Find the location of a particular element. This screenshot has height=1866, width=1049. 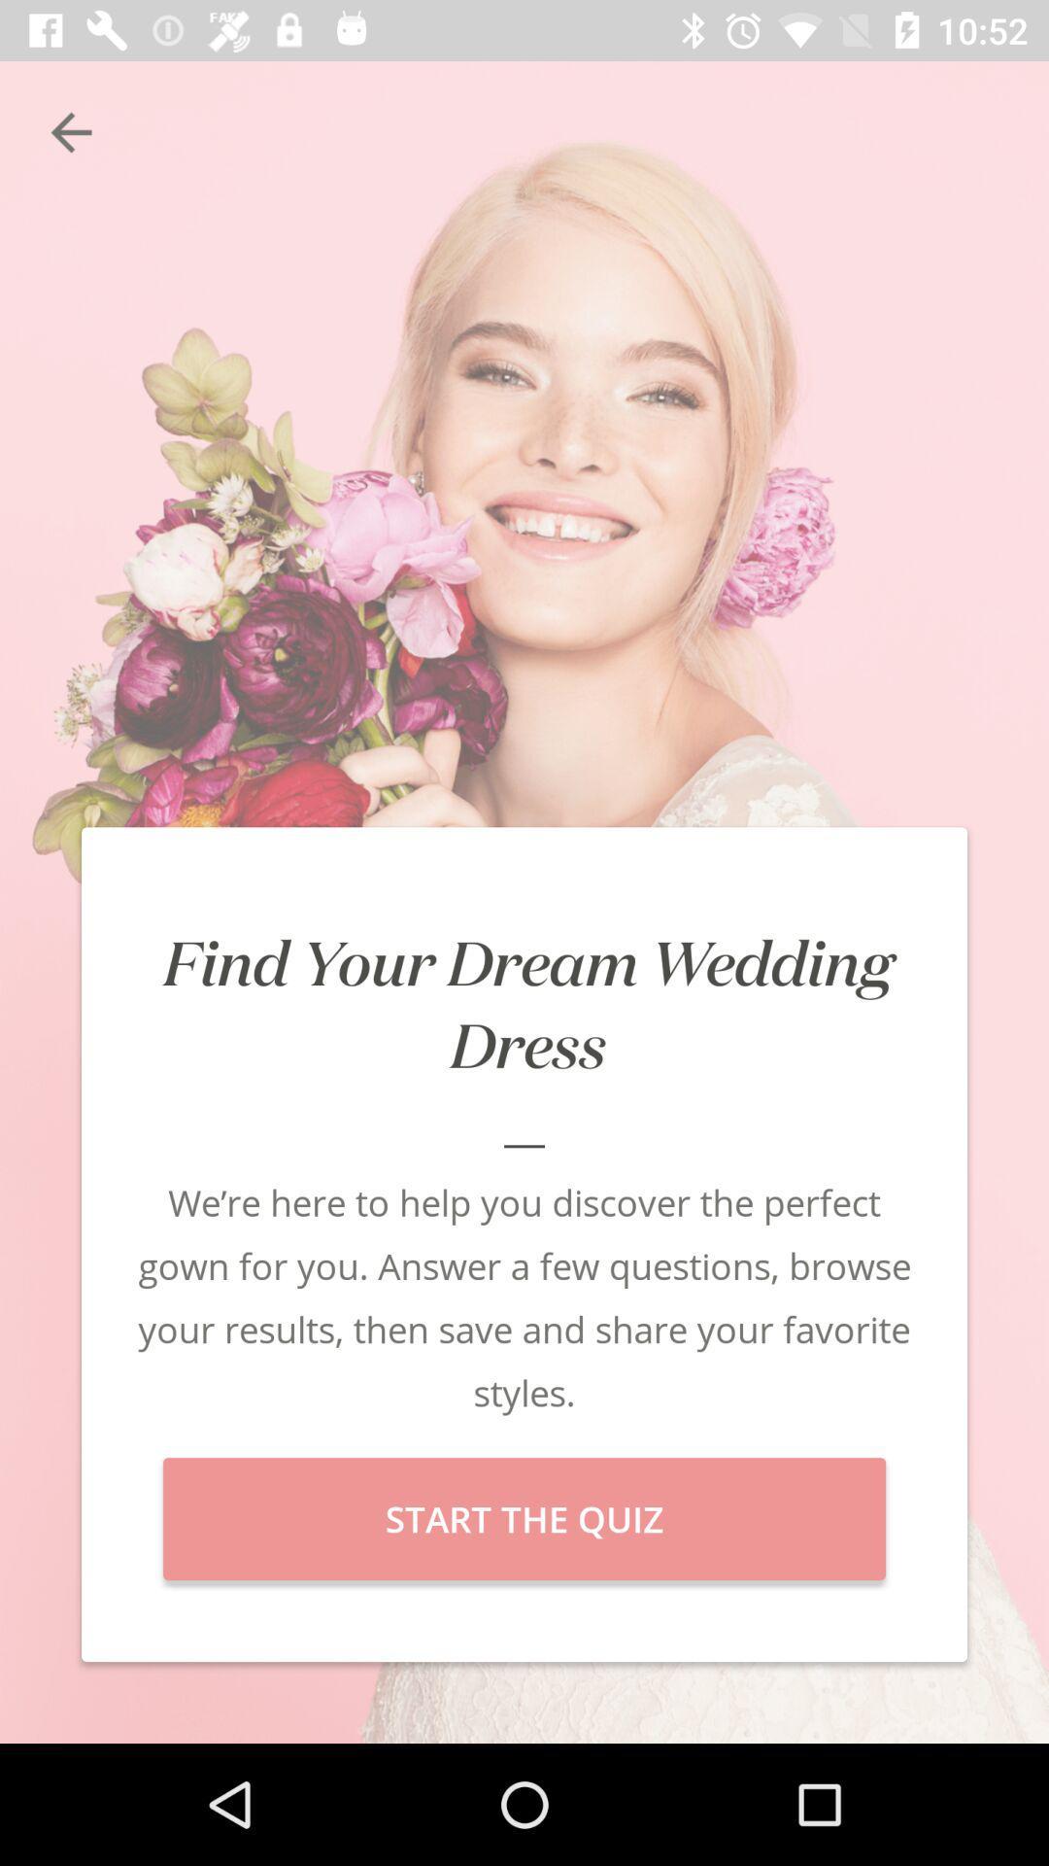

item above find your dream is located at coordinates (70, 131).